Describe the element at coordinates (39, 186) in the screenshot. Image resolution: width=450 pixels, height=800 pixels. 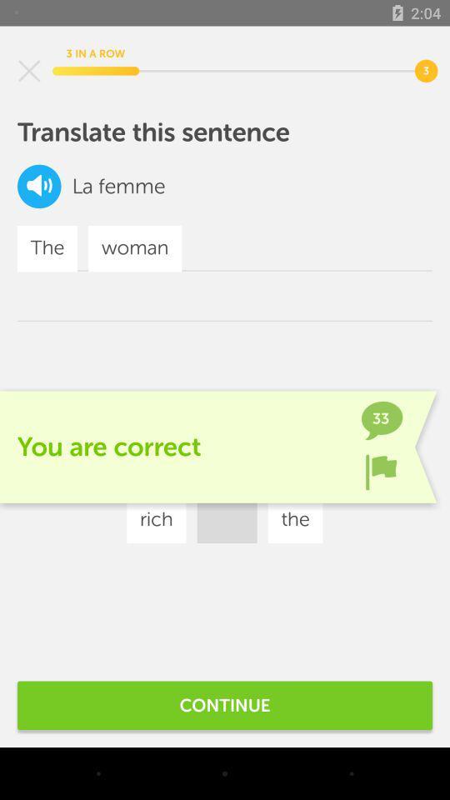
I see `icon above the the item` at that location.